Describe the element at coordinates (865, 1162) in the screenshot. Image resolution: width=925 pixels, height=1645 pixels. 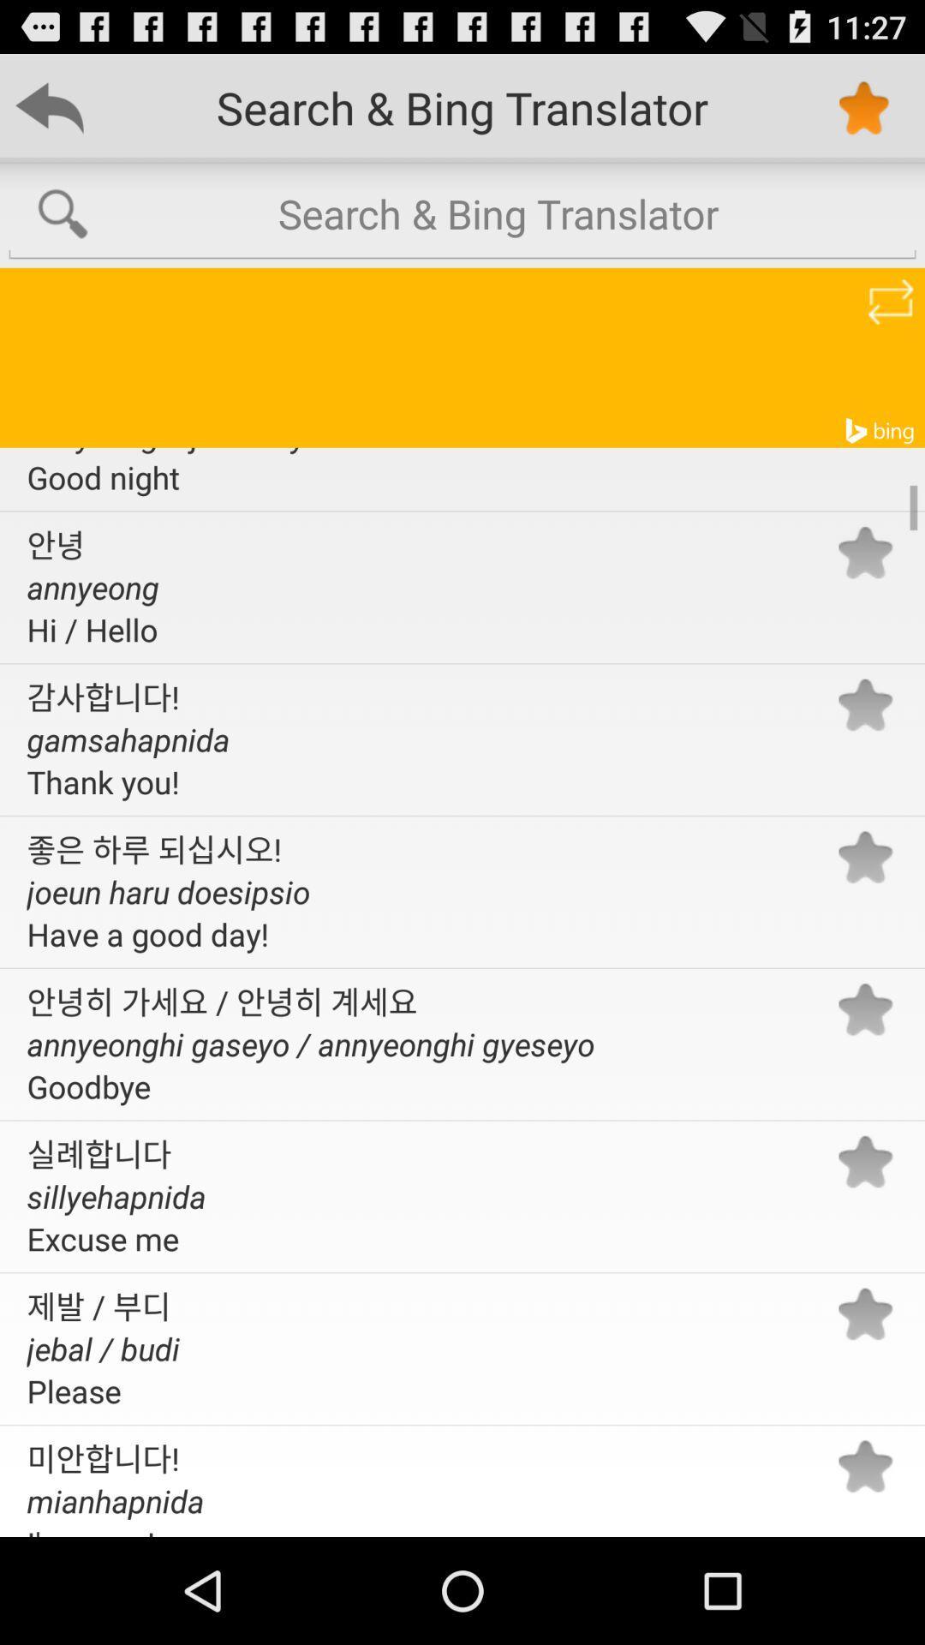
I see `the excuse me star icon` at that location.